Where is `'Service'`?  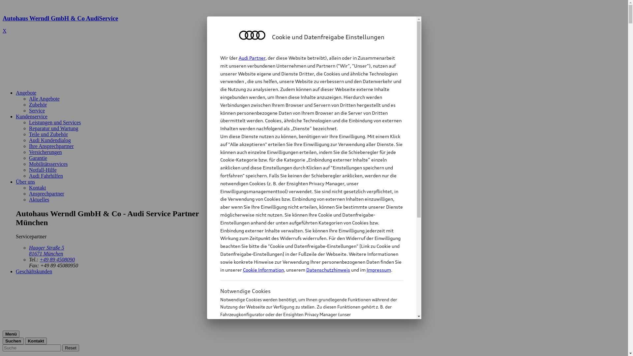 'Service' is located at coordinates (36, 110).